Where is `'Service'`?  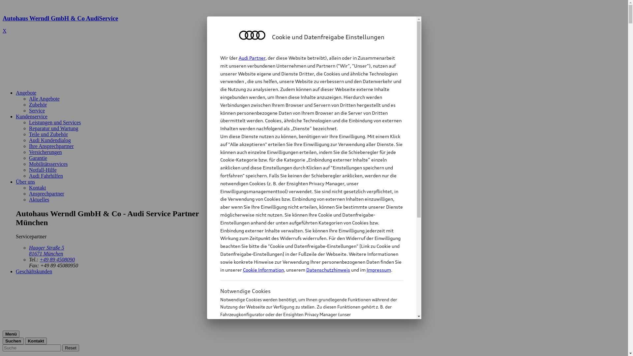 'Service' is located at coordinates (36, 110).